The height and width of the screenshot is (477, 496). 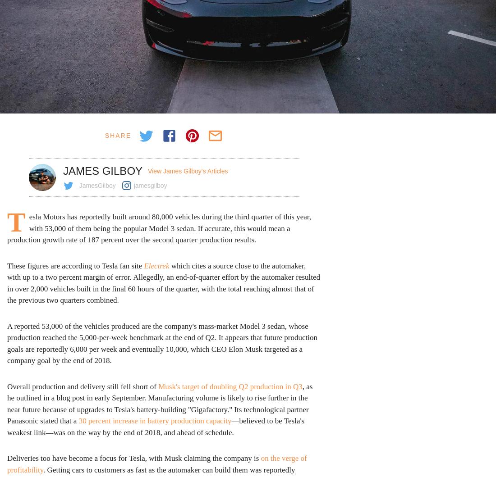 What do you see at coordinates (157, 463) in the screenshot?
I see `'on the verge of profitability'` at bounding box center [157, 463].